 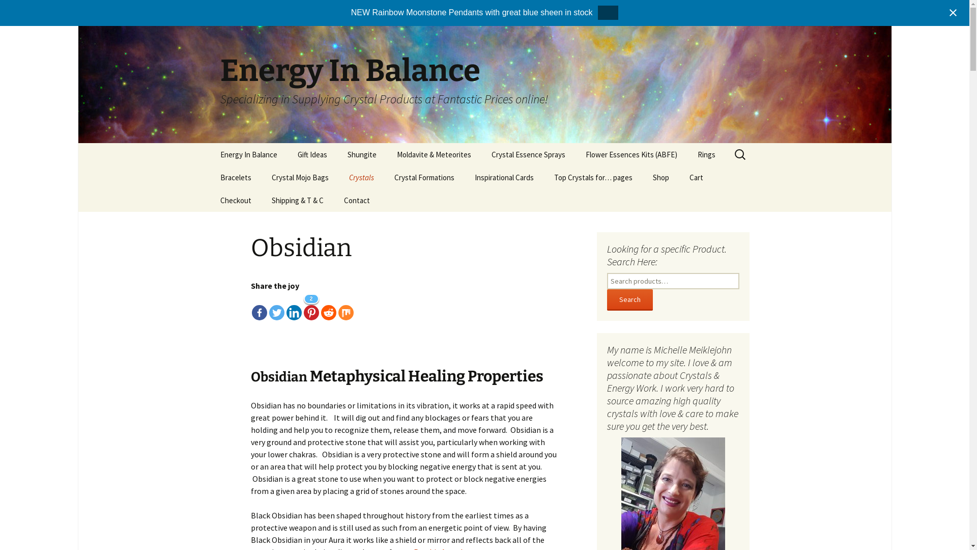 I want to click on 'Reddit', so click(x=328, y=306).